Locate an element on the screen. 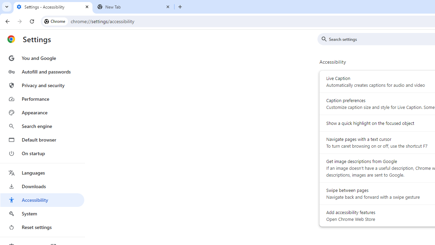  'On startup' is located at coordinates (42, 153).